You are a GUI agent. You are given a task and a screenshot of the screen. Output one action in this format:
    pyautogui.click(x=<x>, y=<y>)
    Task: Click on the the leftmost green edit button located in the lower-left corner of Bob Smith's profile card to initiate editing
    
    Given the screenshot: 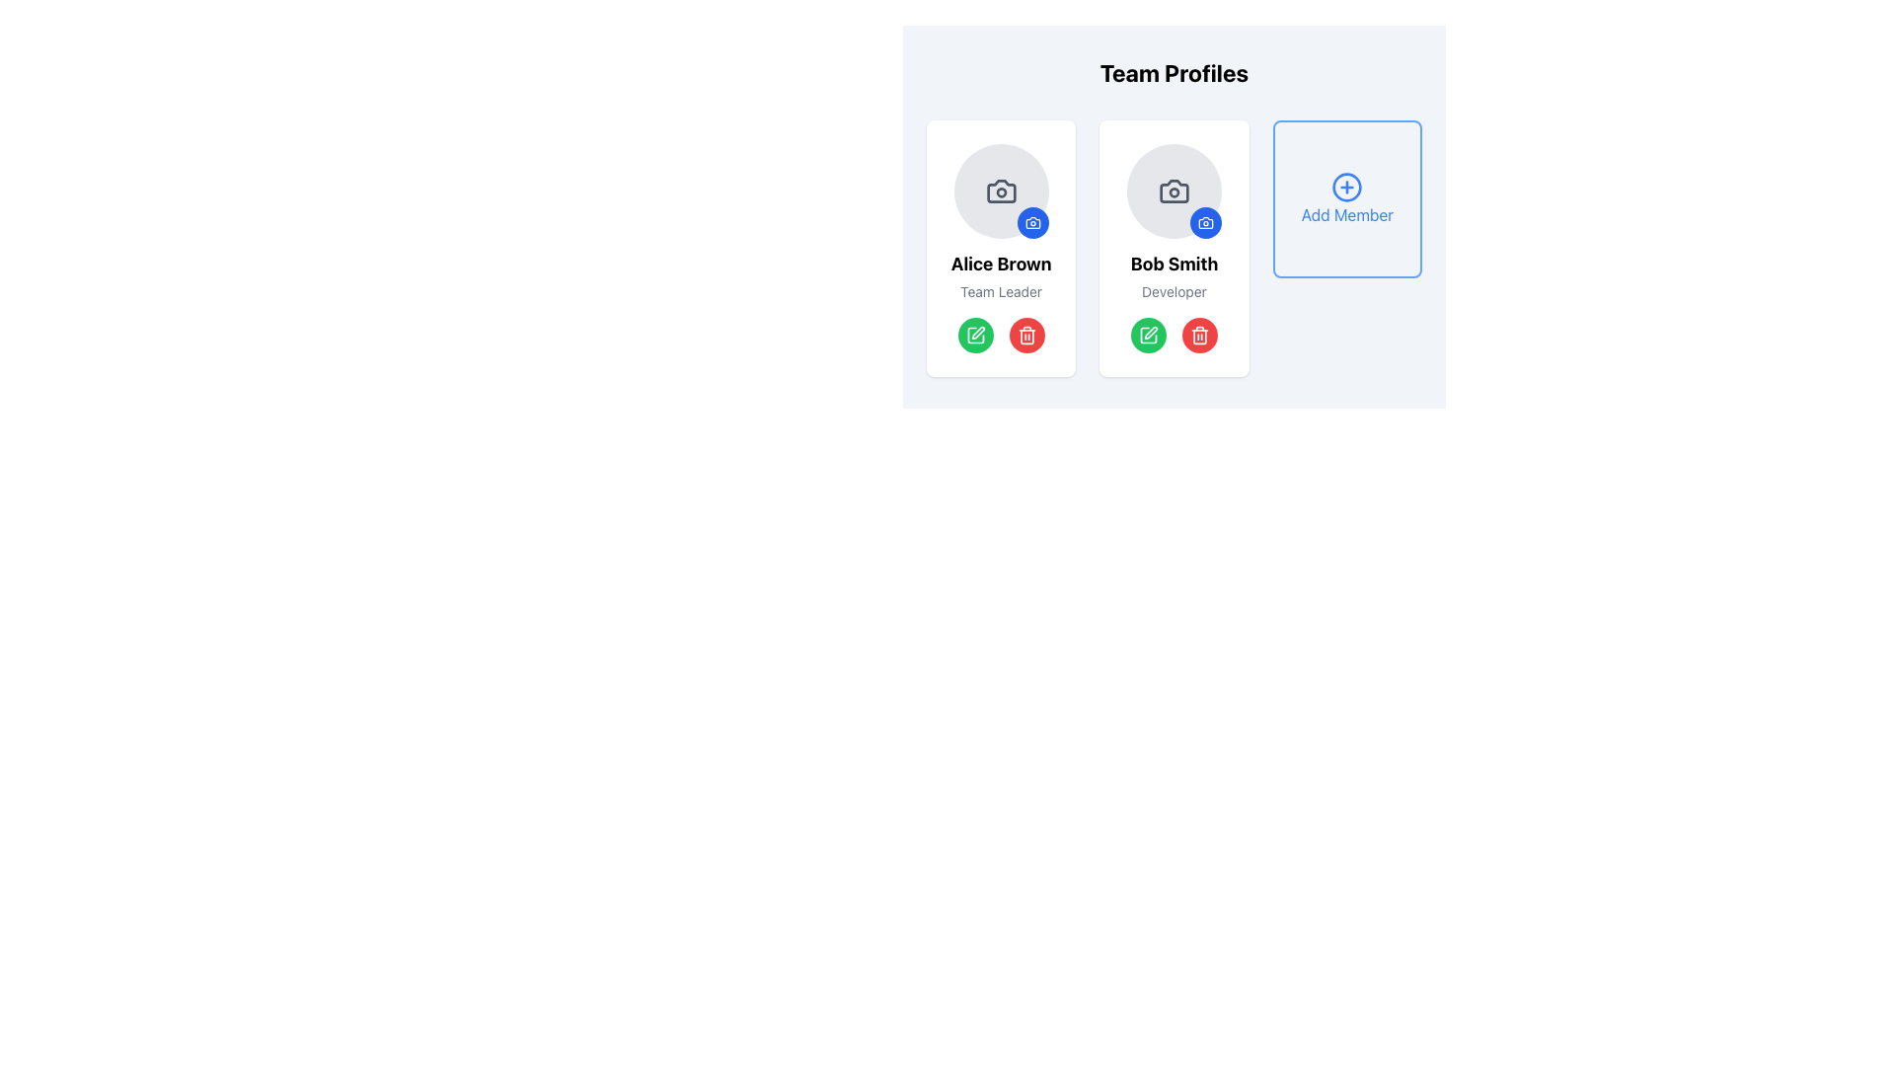 What is the action you would take?
    pyautogui.click(x=1148, y=334)
    